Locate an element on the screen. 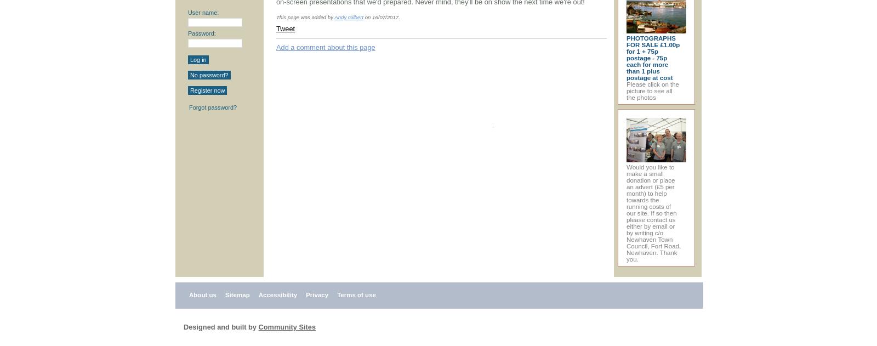  'Add a comment about this page' is located at coordinates (324, 47).